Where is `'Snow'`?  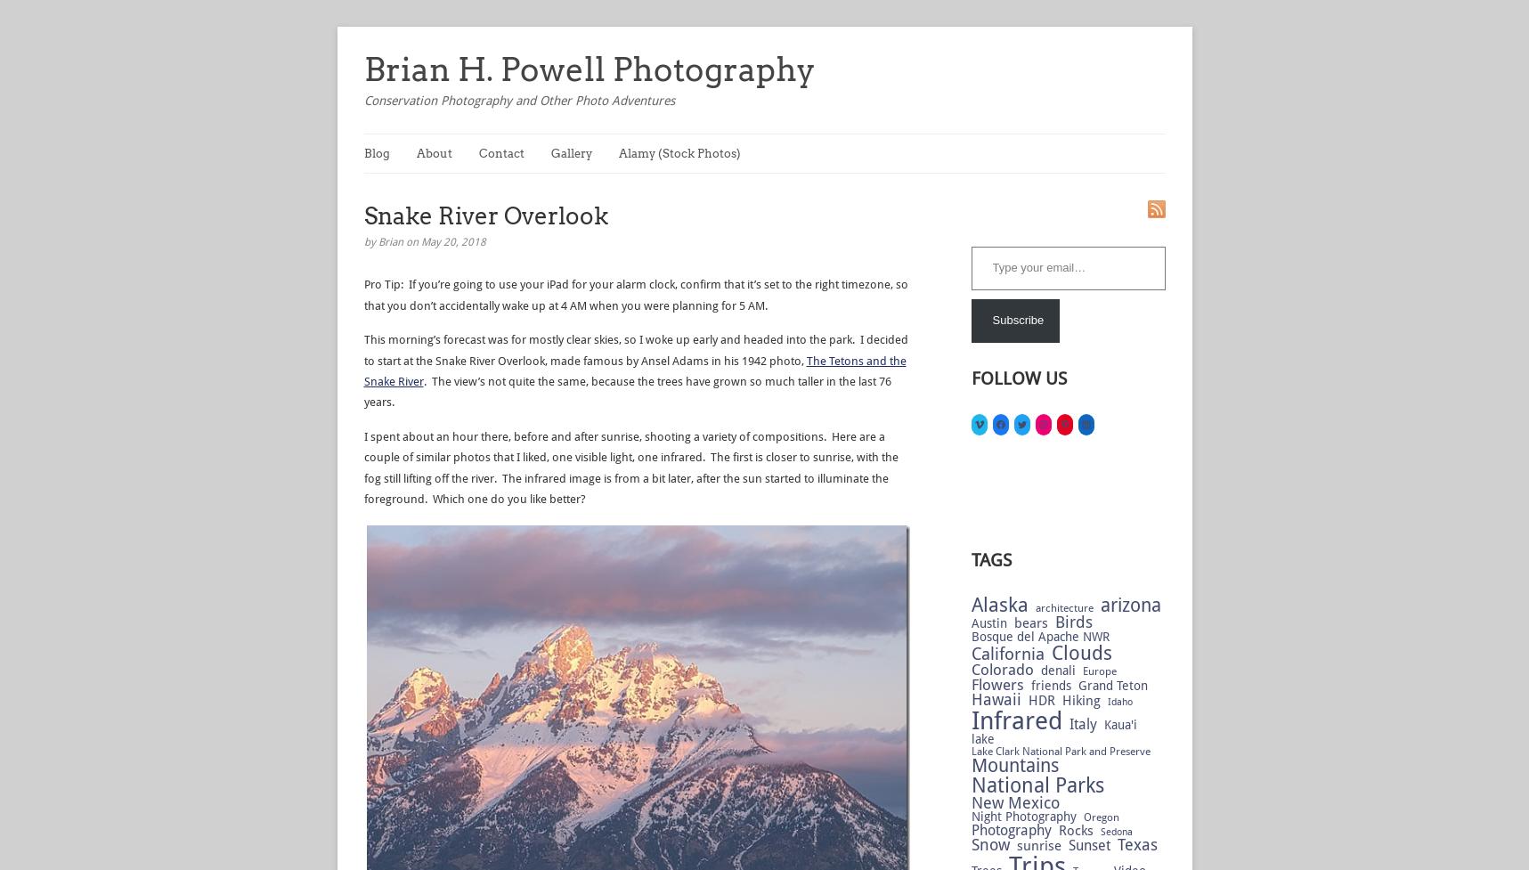 'Snow' is located at coordinates (989, 843).